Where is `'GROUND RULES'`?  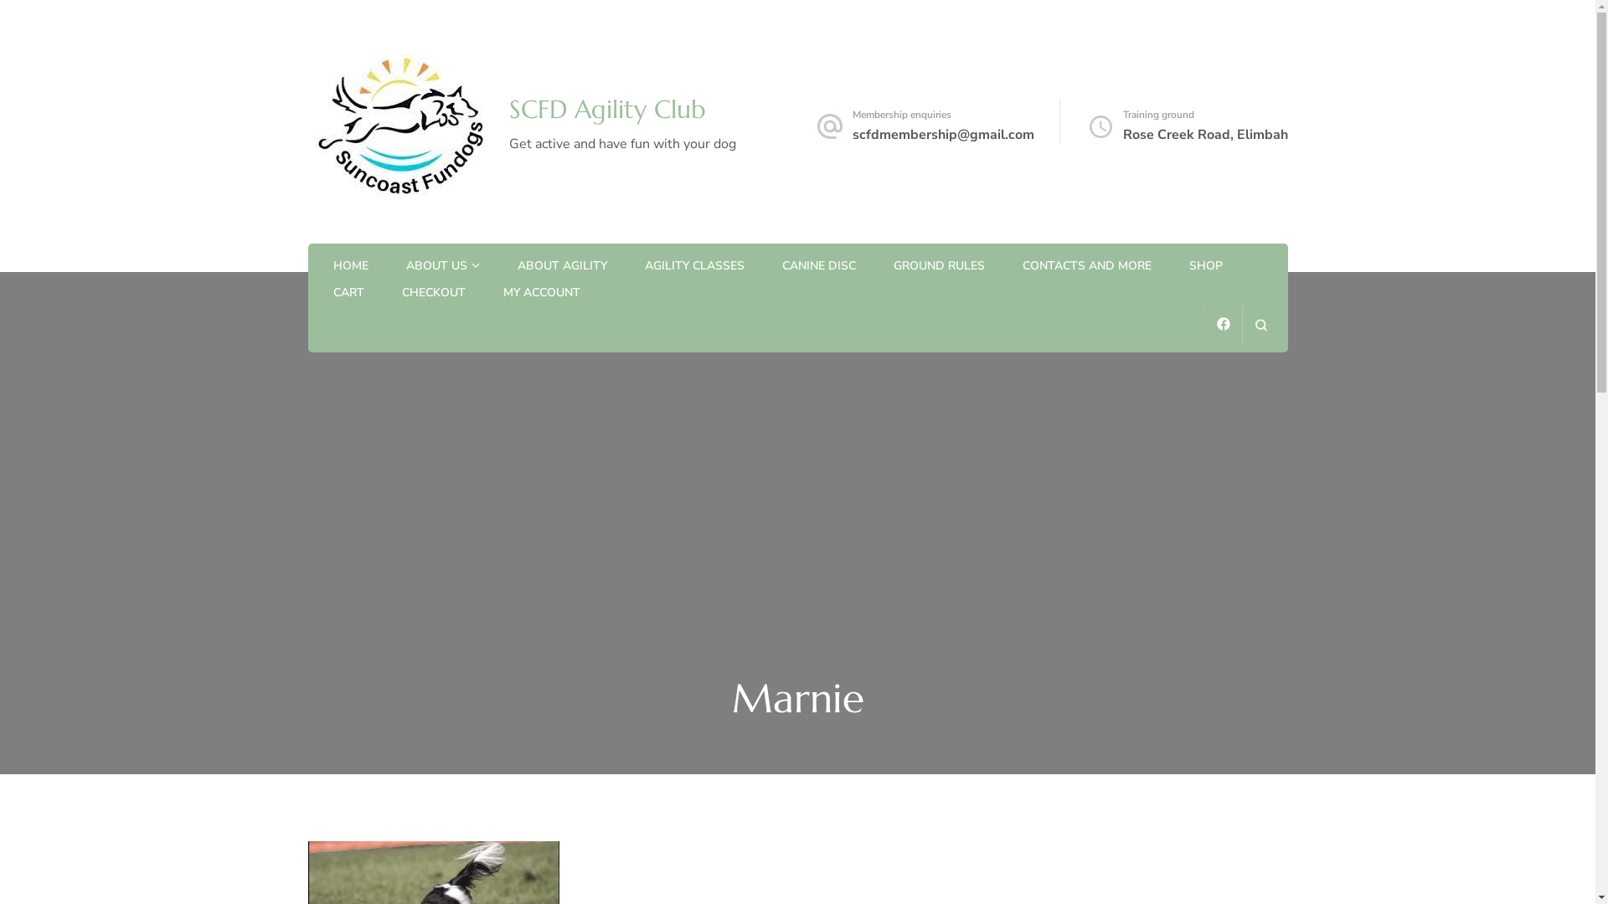 'GROUND RULES' is located at coordinates (938, 266).